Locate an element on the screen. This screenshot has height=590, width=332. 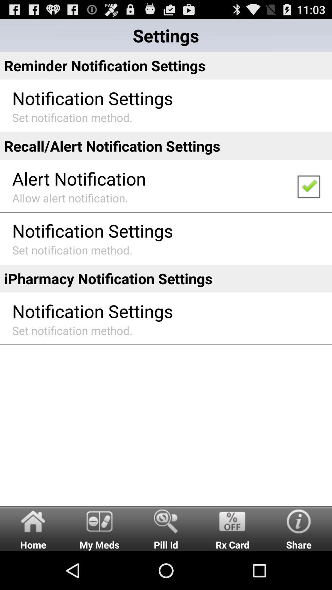
the icon below the set notification method. is located at coordinates (33, 528).